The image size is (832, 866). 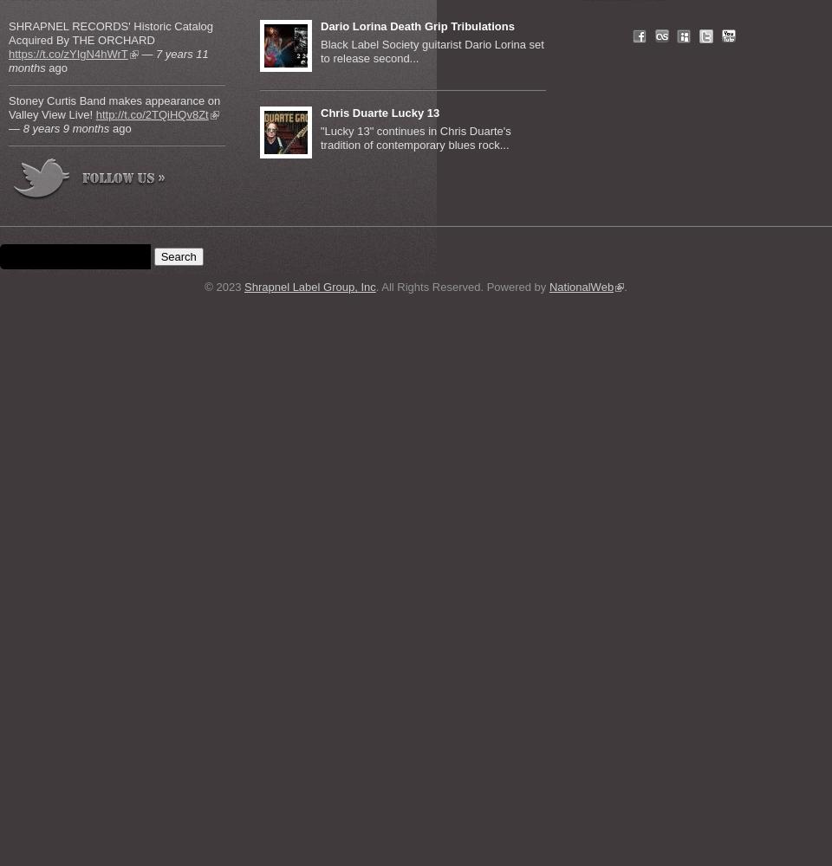 What do you see at coordinates (109, 33) in the screenshot?
I see `'SHRAPNEL RECORDS' Historic Catalog Acquired By THE ORCHARD'` at bounding box center [109, 33].